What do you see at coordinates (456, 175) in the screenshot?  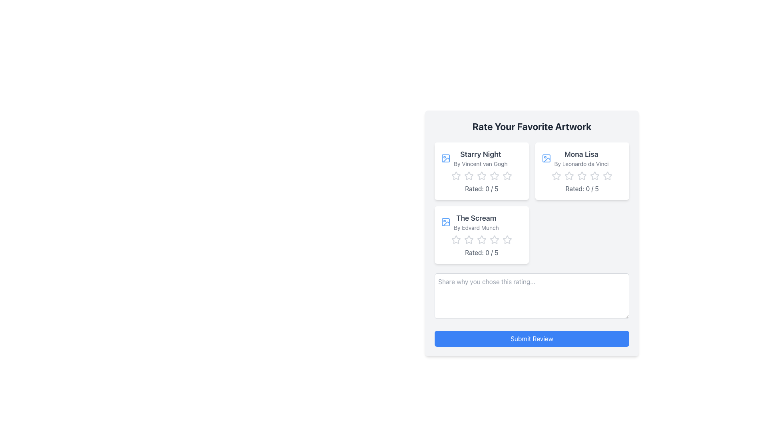 I see `the first gray star icon in the rating row for 'Starry Night'` at bounding box center [456, 175].